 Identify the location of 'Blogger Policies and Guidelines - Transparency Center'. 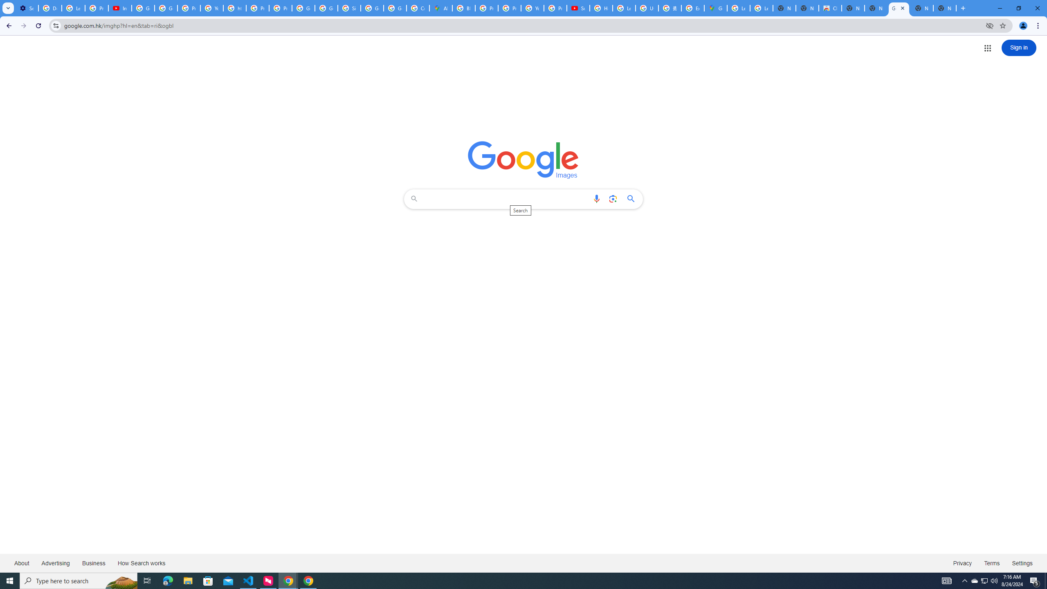
(463, 8).